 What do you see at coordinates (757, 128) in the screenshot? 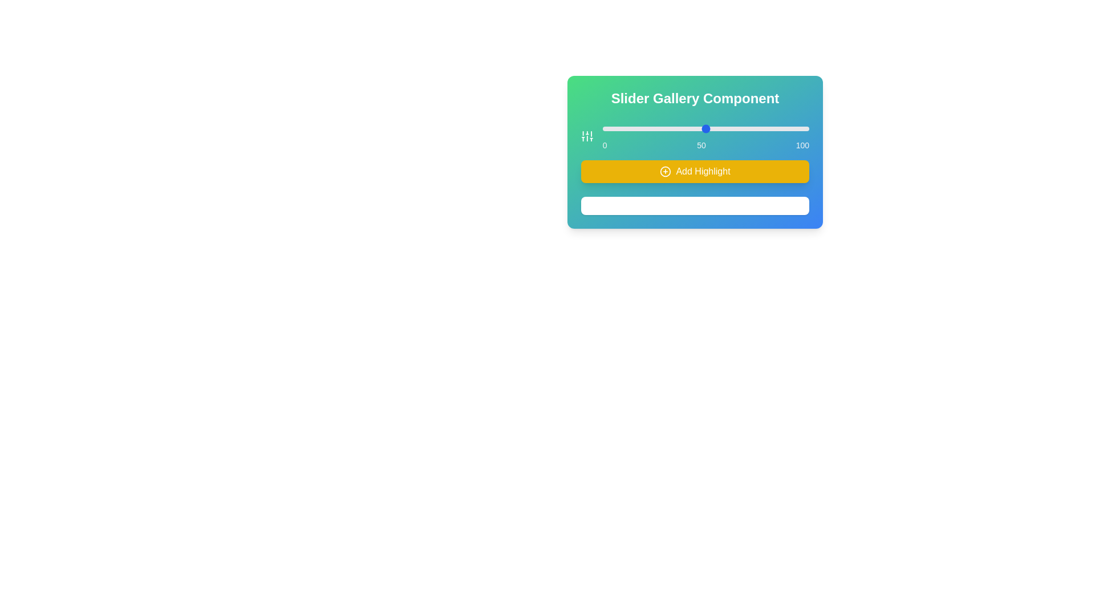
I see `the slider value` at bounding box center [757, 128].